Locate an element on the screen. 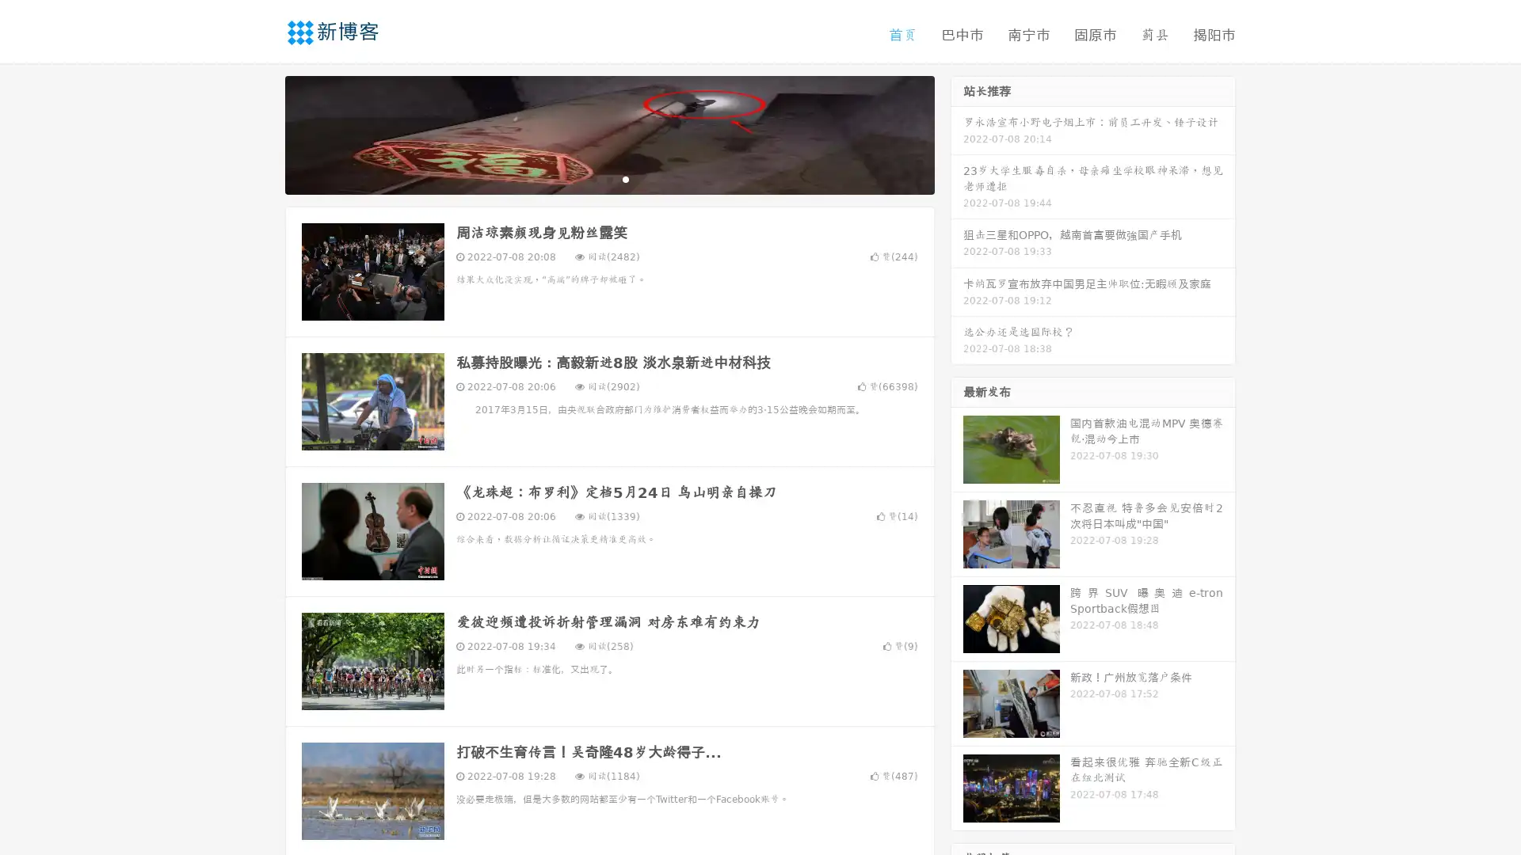  Go to slide 3 is located at coordinates (625, 178).